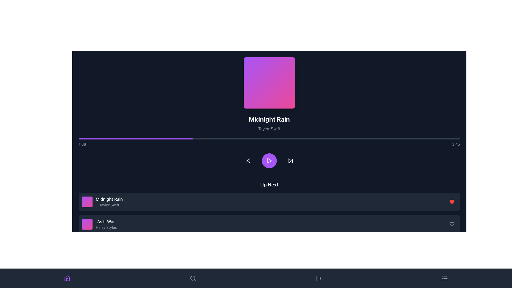 This screenshot has width=512, height=288. Describe the element at coordinates (248, 160) in the screenshot. I see `the first icon in the group of media control buttons located near the bottom center of the interface` at that location.